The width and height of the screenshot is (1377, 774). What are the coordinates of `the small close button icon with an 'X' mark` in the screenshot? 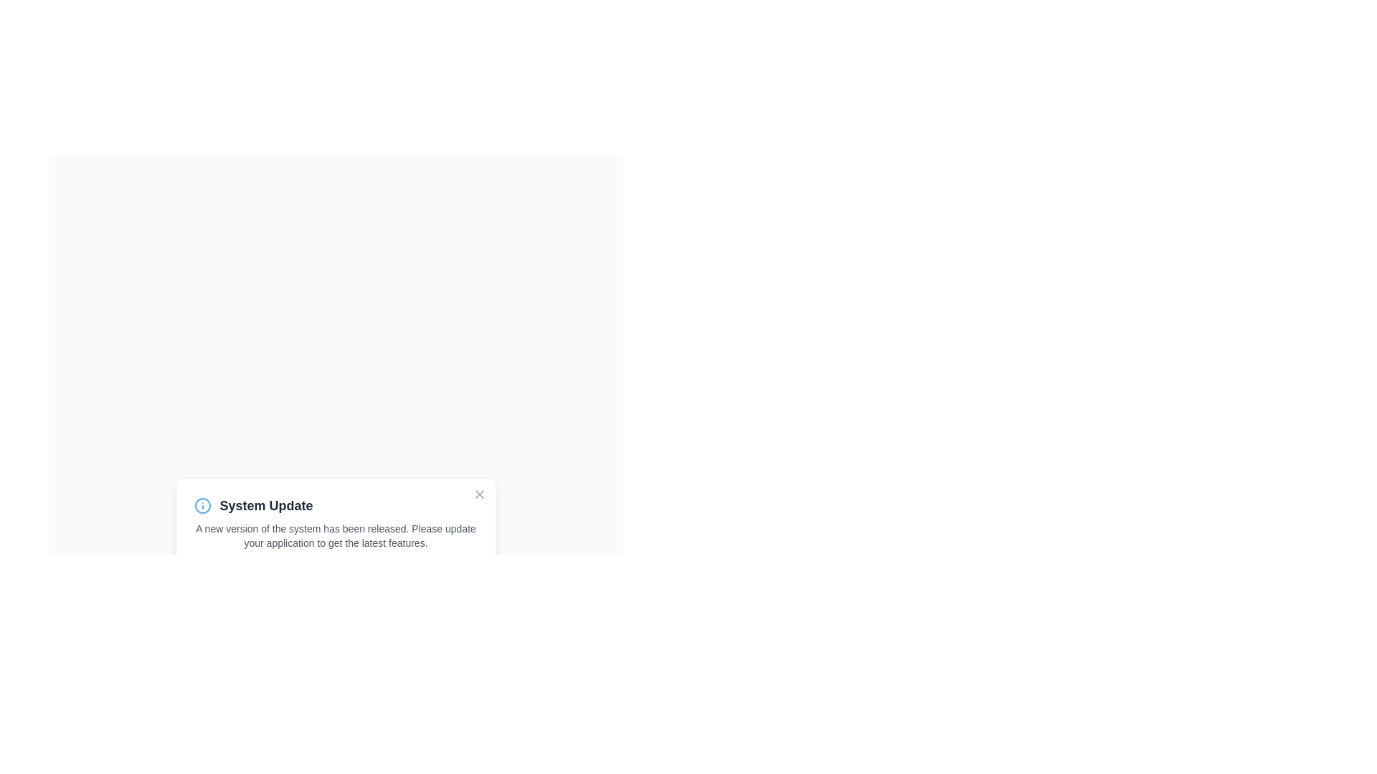 It's located at (479, 494).